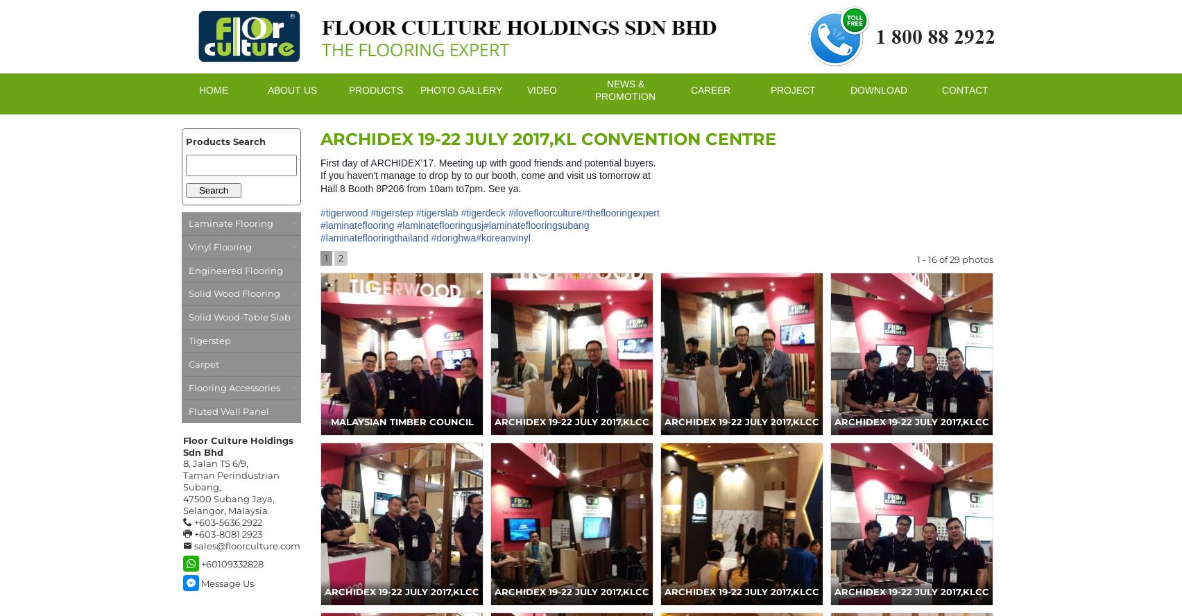 This screenshot has width=1182, height=616. I want to click on 'tigerstep', so click(394, 212).